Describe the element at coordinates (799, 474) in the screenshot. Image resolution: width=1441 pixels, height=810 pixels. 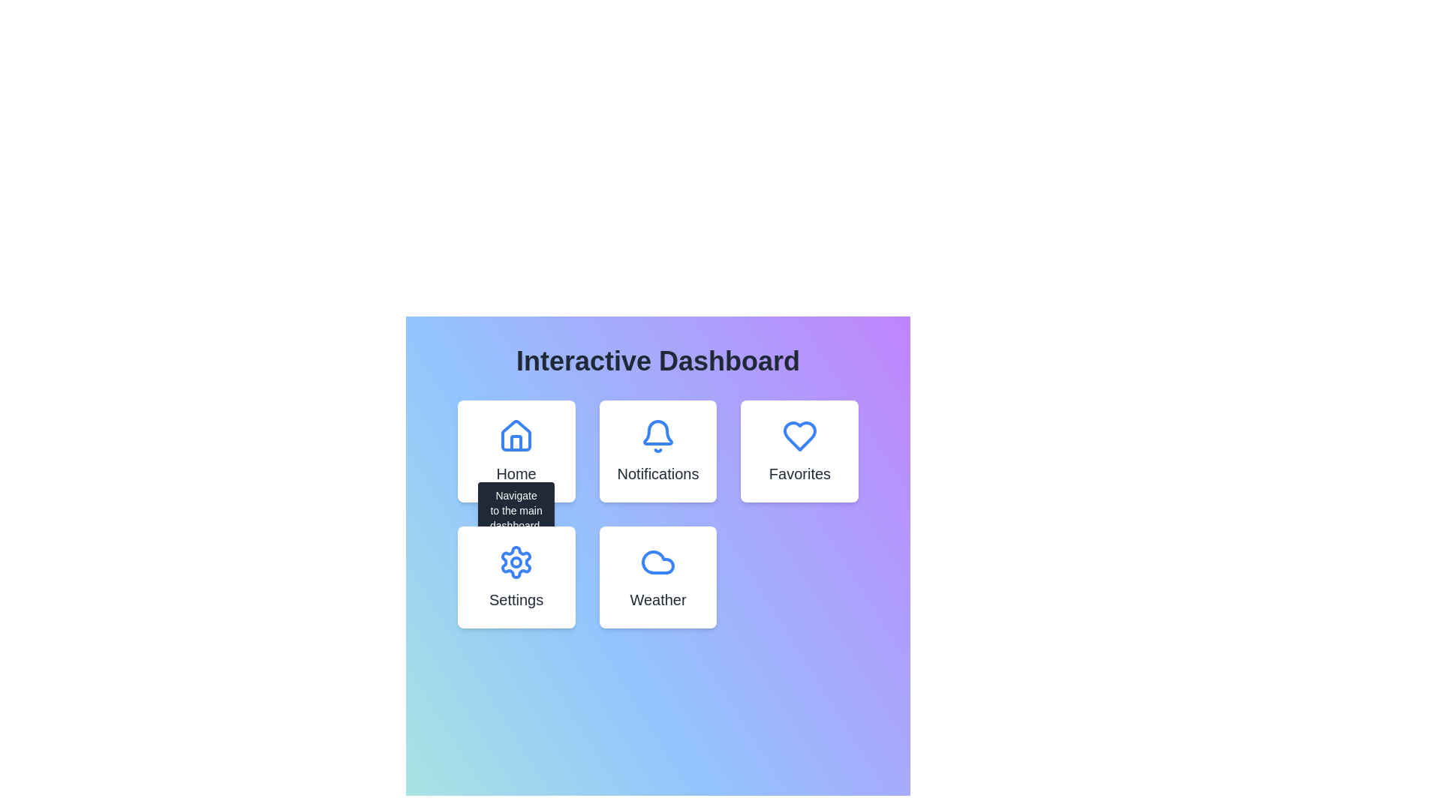
I see `the Text label that describes the card's purpose related to favorites, positioned below the heart icon in the third card from the left in the top row of a grid layout` at that location.